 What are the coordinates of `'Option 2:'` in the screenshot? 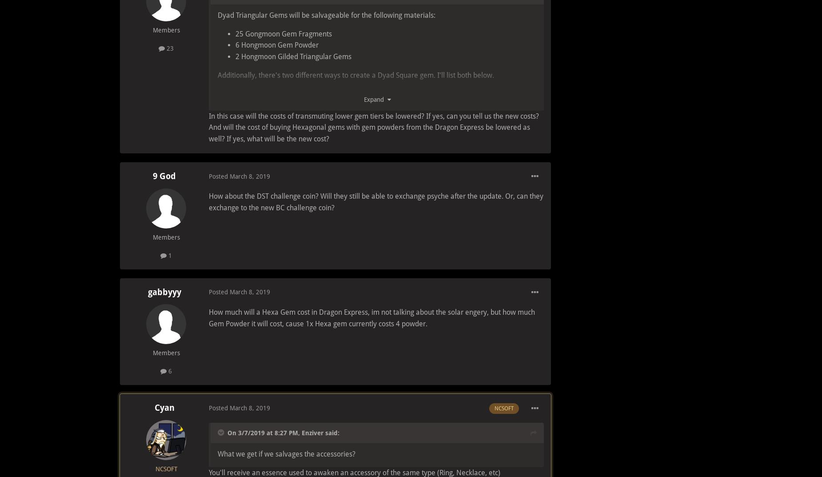 It's located at (232, 168).